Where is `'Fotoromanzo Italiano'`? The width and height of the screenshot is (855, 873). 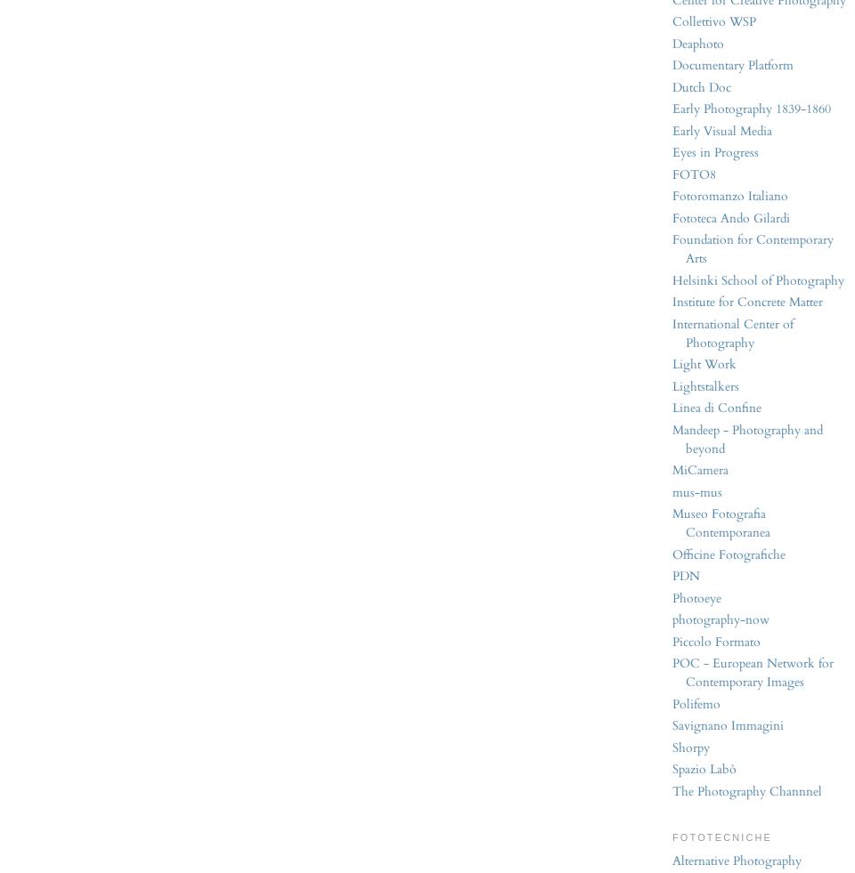 'Fotoromanzo Italiano' is located at coordinates (730, 195).